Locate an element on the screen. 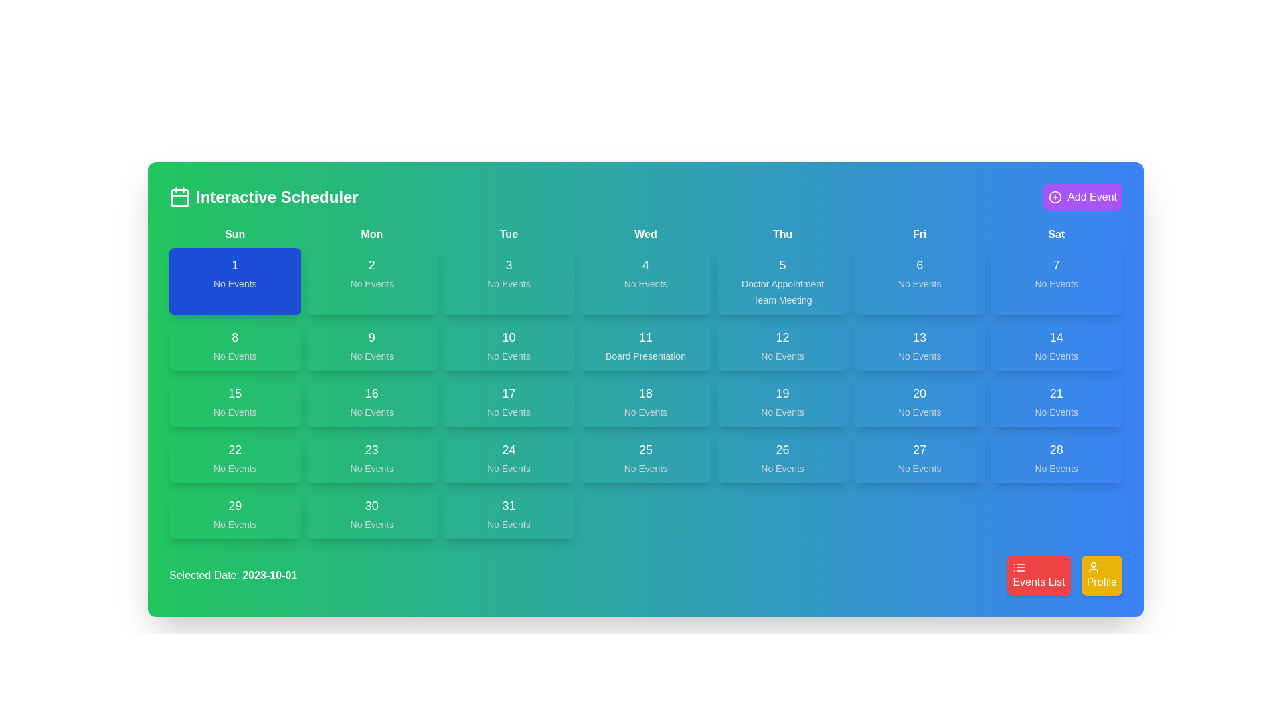  from the date cell for the 21st in the calendar grid is located at coordinates (1055, 401).